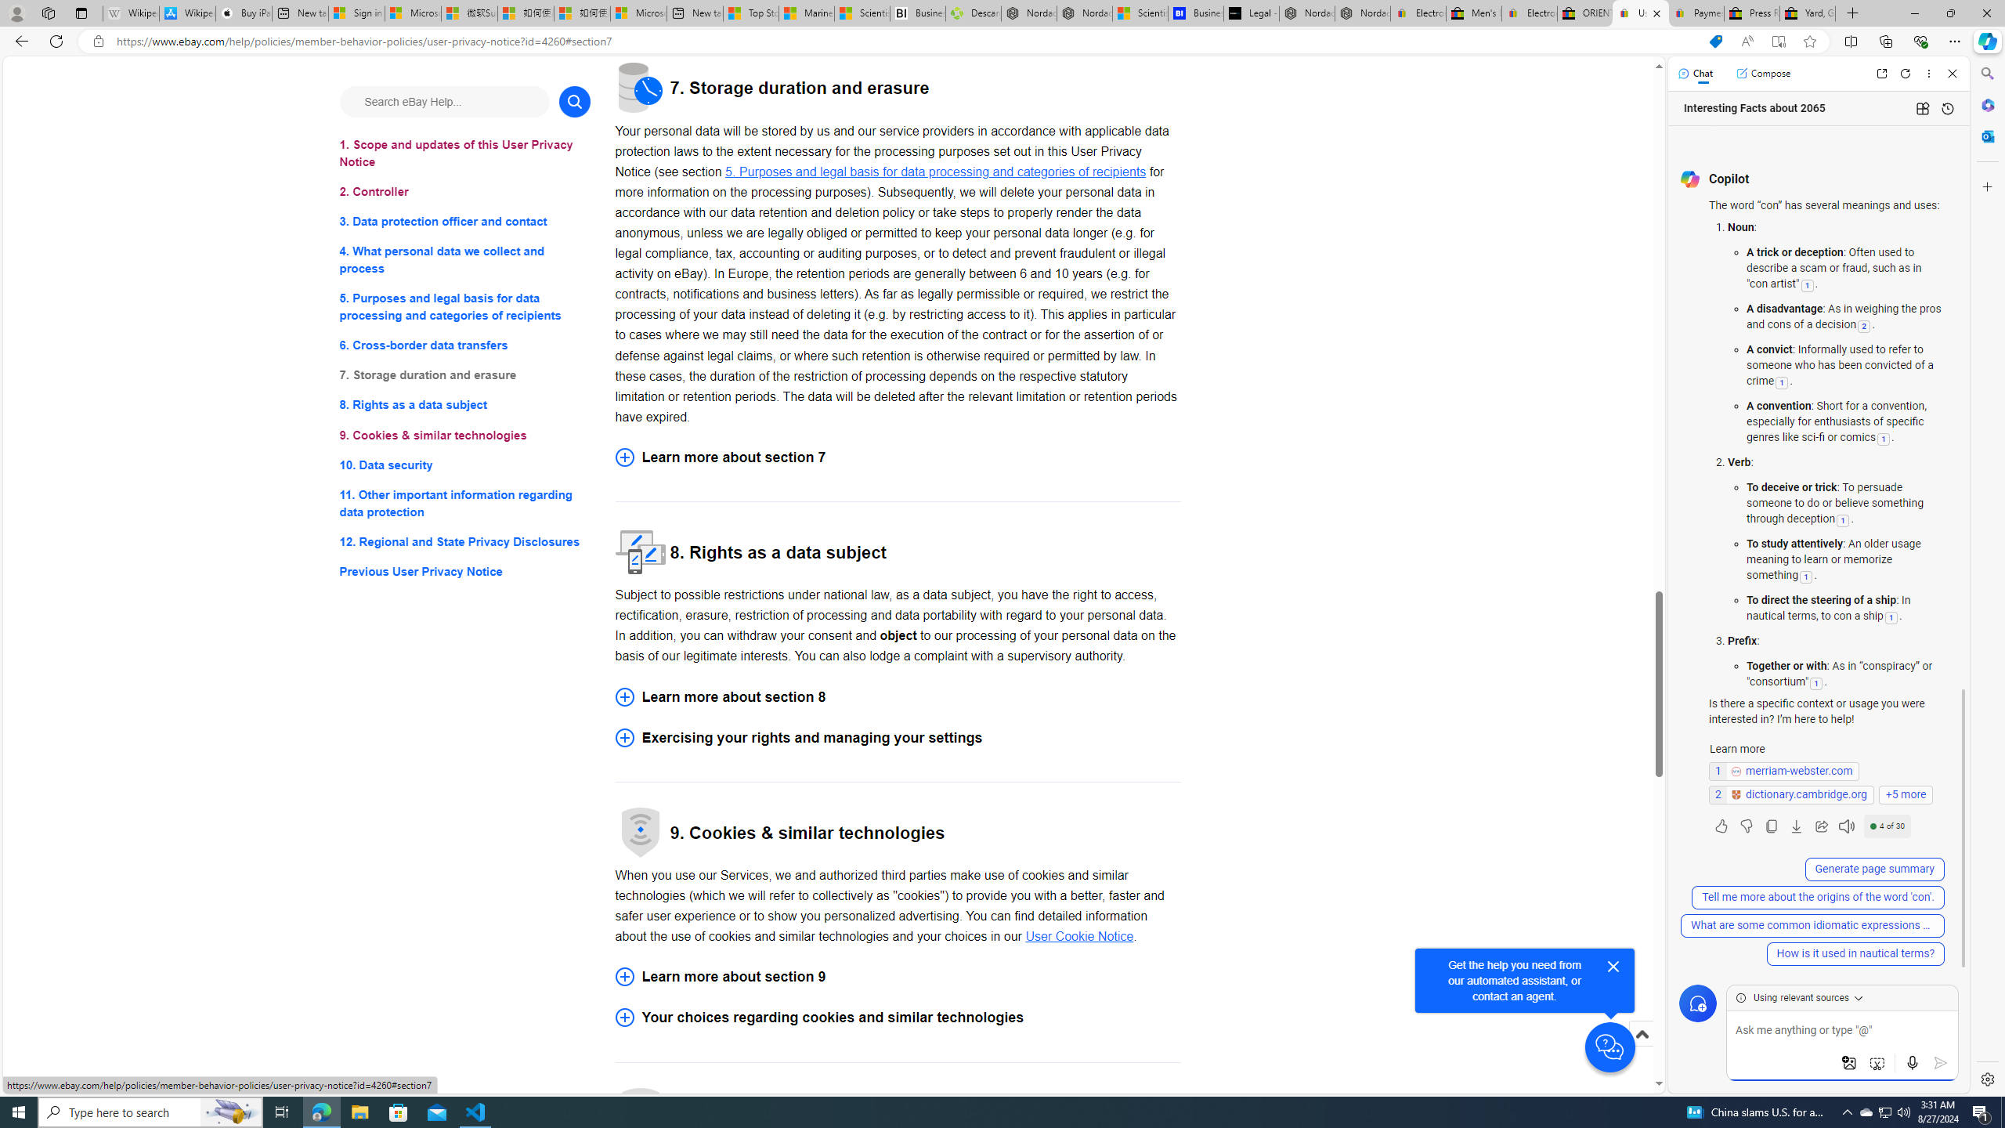  Describe the element at coordinates (464, 435) in the screenshot. I see `'9. Cookies & similar technologies'` at that location.